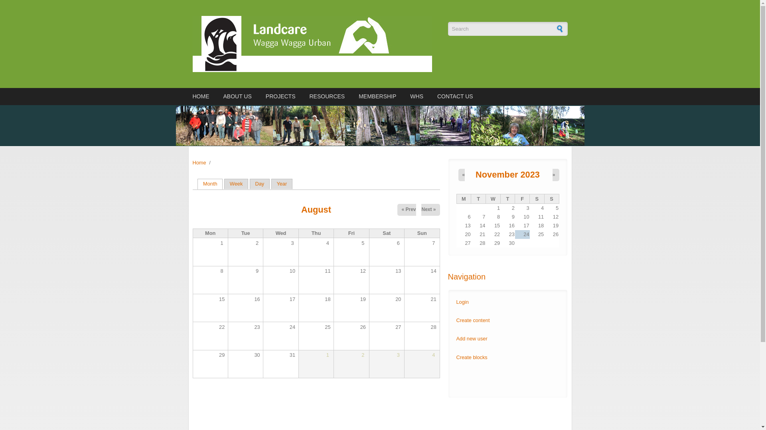 This screenshot has width=766, height=430. I want to click on 'WHS', so click(416, 96).